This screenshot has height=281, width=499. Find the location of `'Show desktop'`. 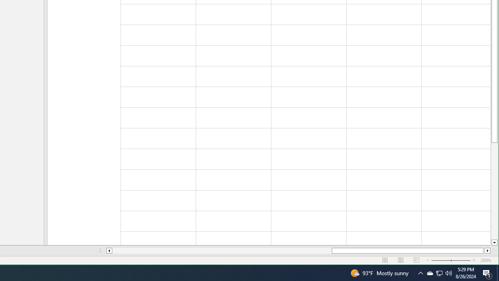

'Show desktop' is located at coordinates (497, 272).